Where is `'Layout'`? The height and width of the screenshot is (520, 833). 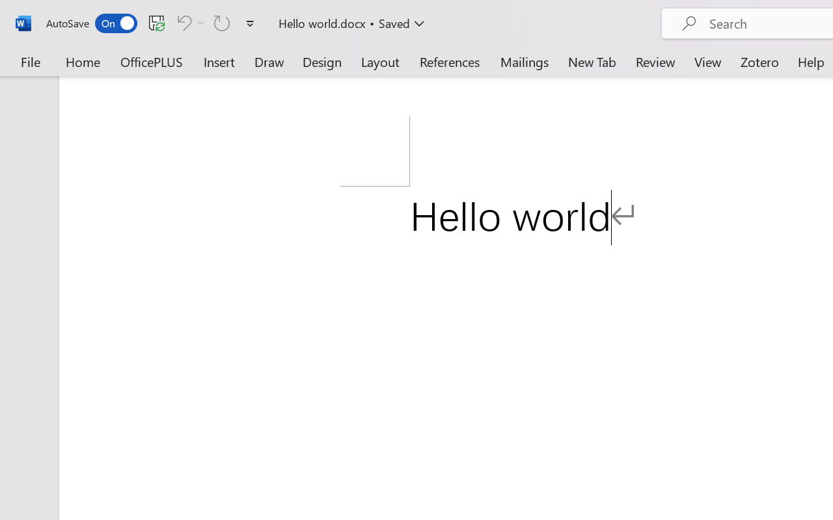 'Layout' is located at coordinates (379, 61).